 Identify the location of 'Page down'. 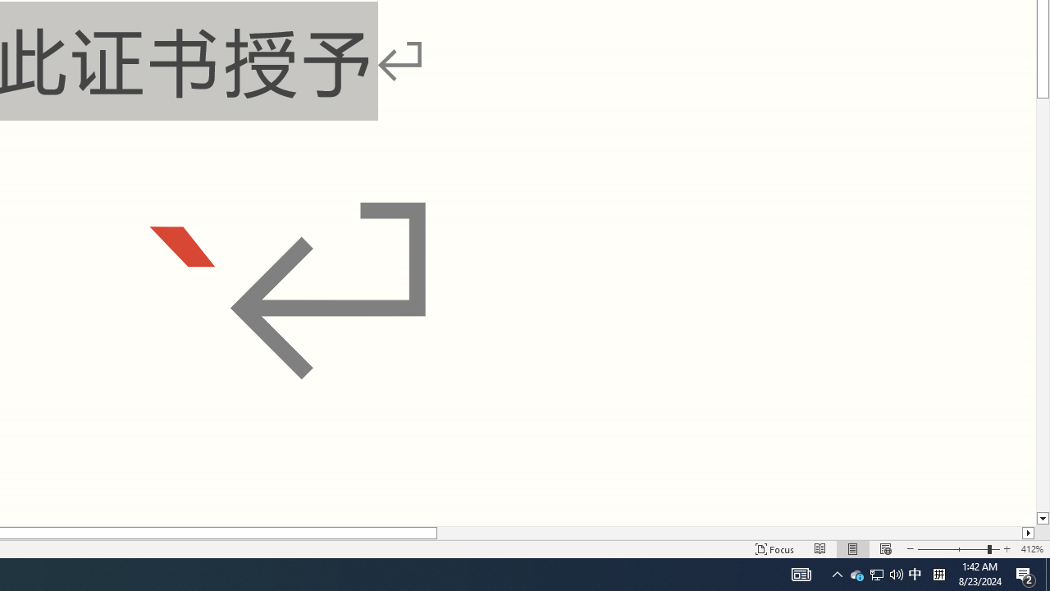
(1042, 305).